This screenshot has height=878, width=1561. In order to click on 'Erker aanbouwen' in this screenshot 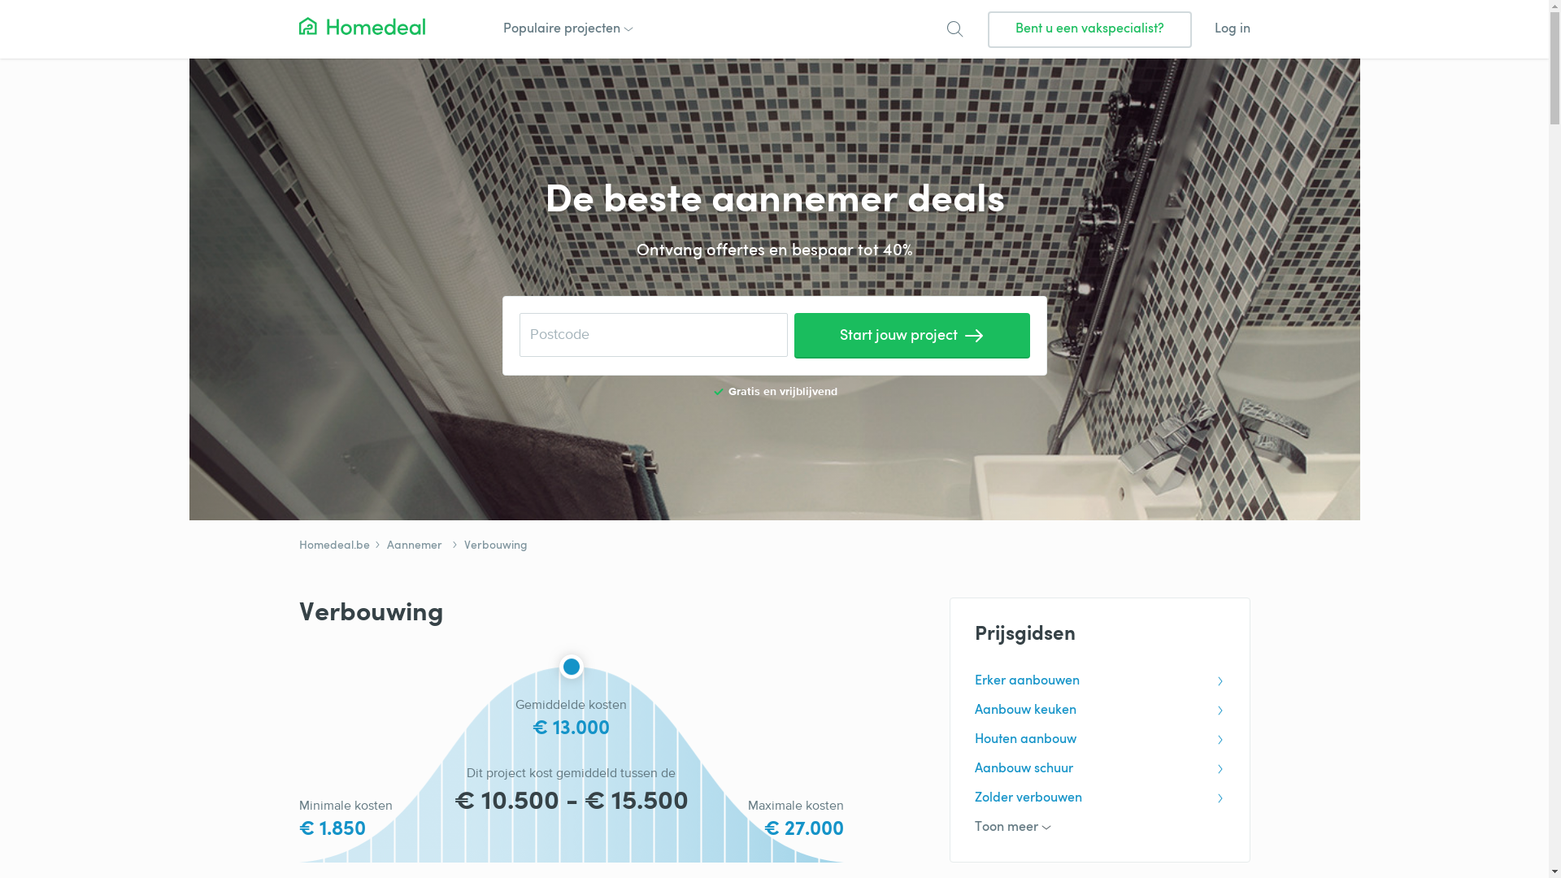, I will do `click(1099, 680)`.